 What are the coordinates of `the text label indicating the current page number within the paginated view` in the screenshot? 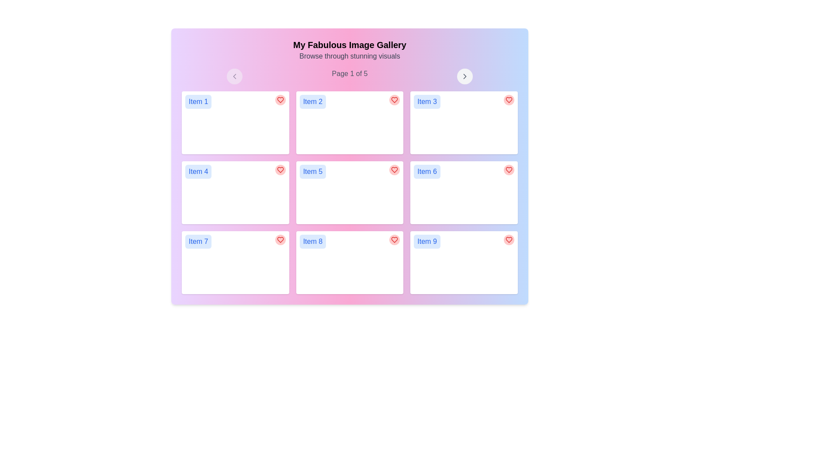 It's located at (350, 76).